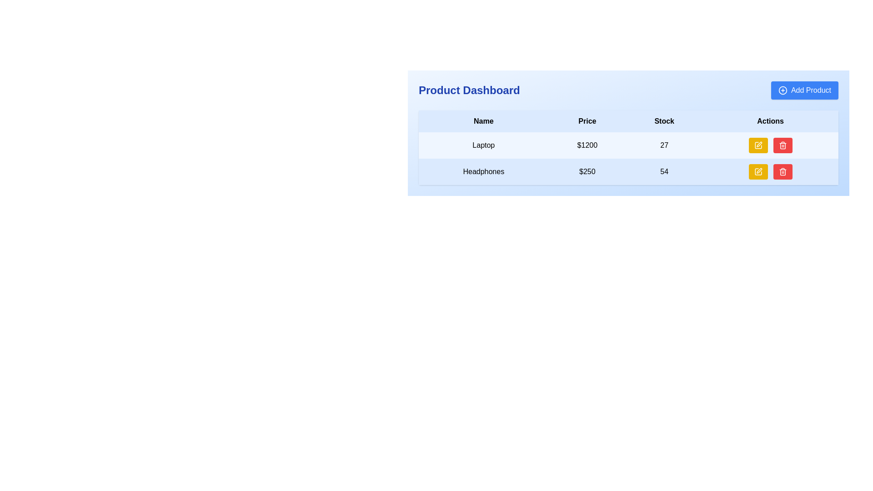 This screenshot has width=873, height=491. Describe the element at coordinates (469, 90) in the screenshot. I see `title label that serves as a heading for the page, located at the specified coordinates` at that location.